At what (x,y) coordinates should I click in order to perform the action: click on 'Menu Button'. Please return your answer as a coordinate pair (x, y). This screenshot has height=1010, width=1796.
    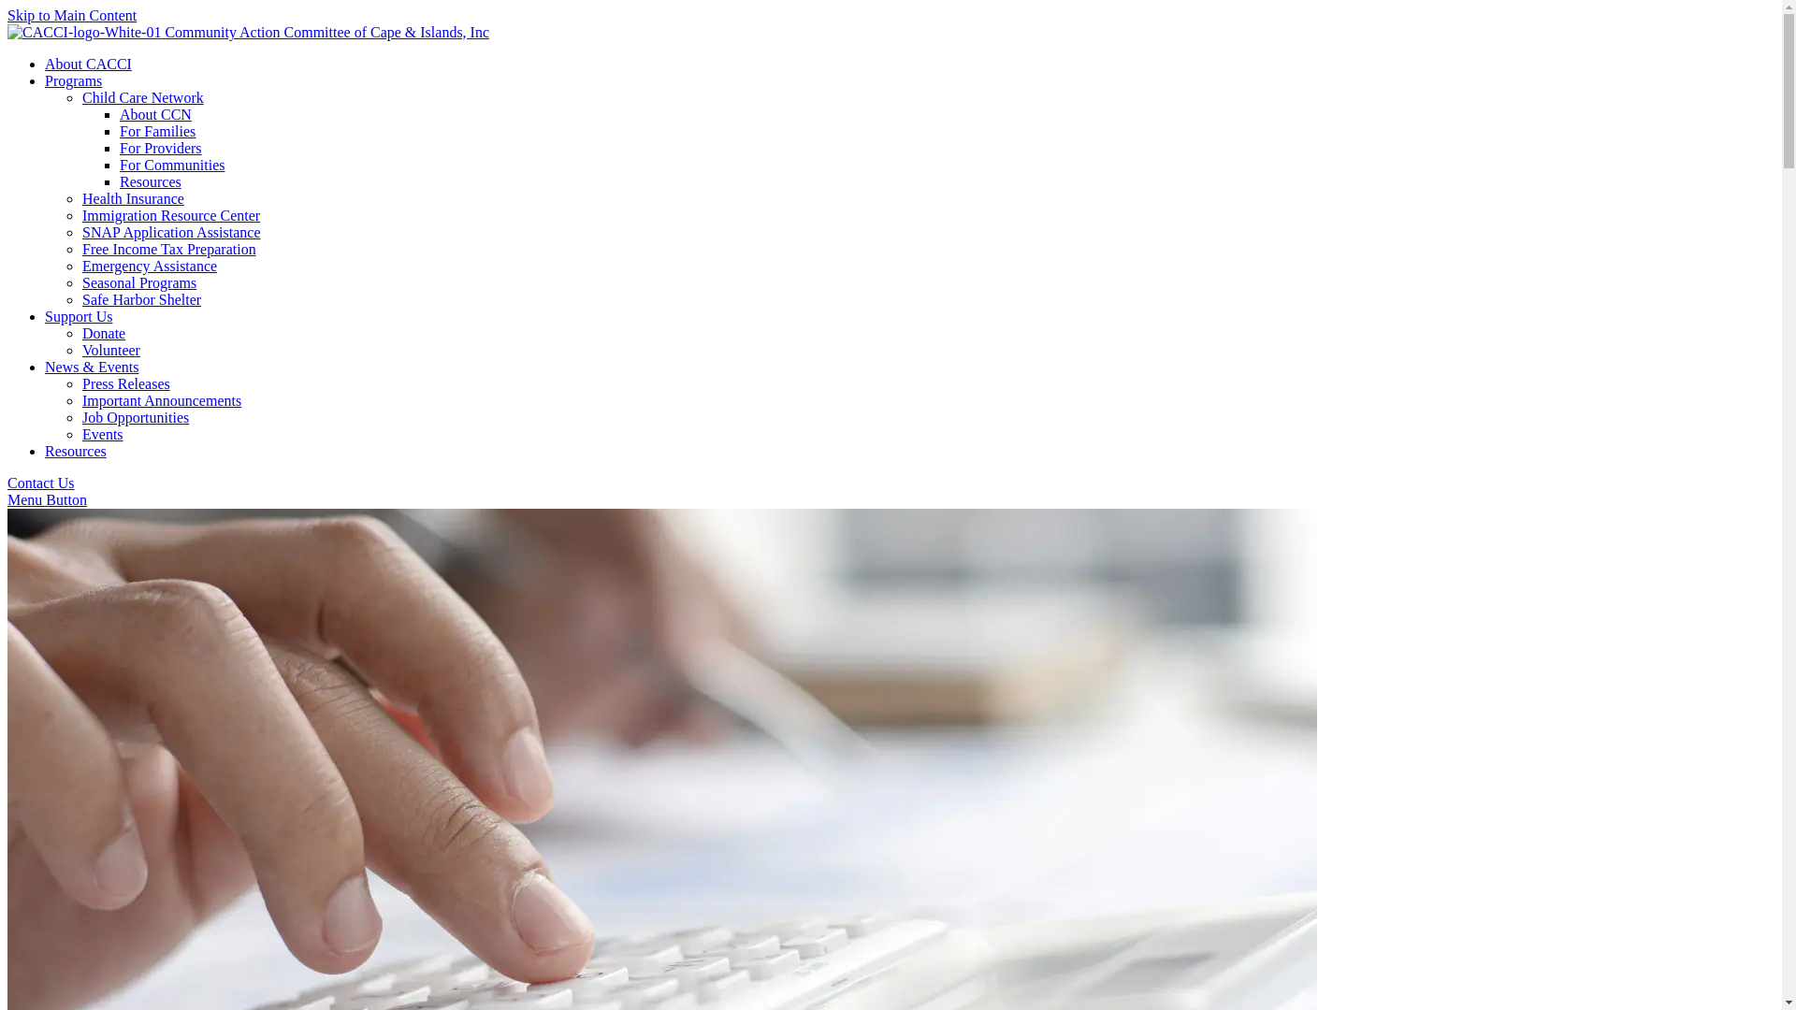
    Looking at the image, I should click on (47, 498).